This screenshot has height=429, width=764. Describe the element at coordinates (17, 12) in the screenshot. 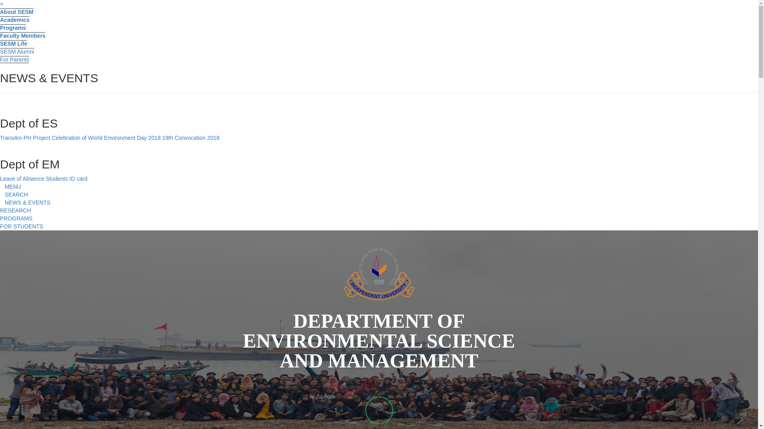

I see `'About SESM'` at that location.